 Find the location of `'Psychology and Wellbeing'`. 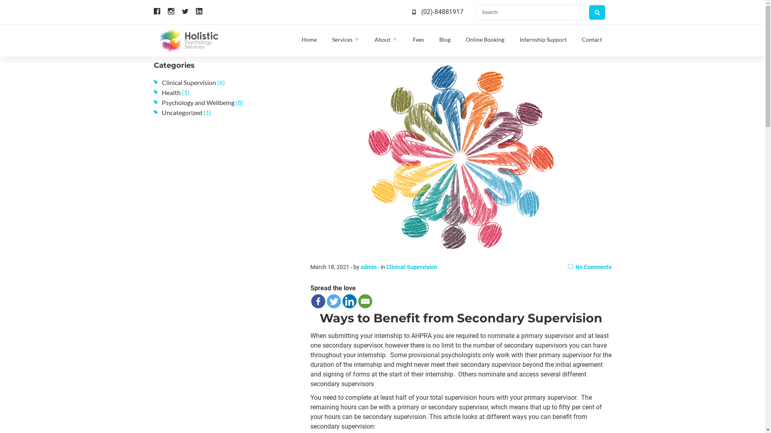

'Psychology and Wellbeing' is located at coordinates (198, 102).